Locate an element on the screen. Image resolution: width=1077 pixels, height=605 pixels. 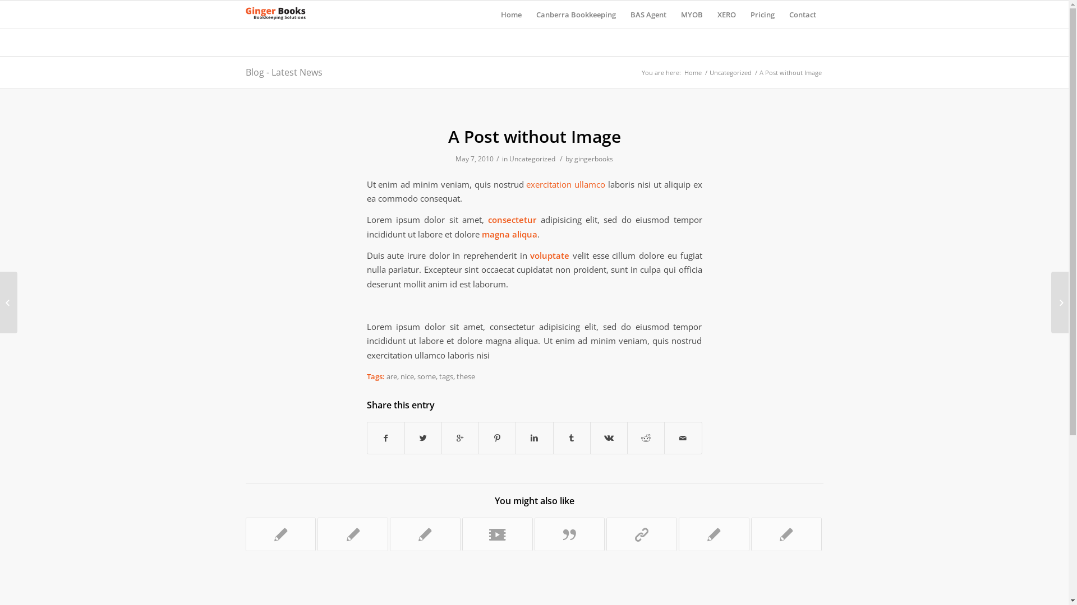
'nice' is located at coordinates (406, 376).